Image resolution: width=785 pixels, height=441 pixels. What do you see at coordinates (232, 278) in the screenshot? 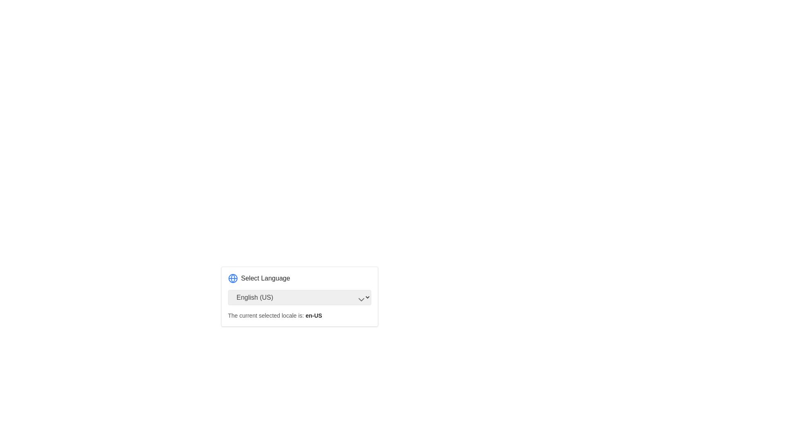
I see `the small blue circle at the center of the globe SVG graphic located in the bottom right corner of the interface` at bounding box center [232, 278].